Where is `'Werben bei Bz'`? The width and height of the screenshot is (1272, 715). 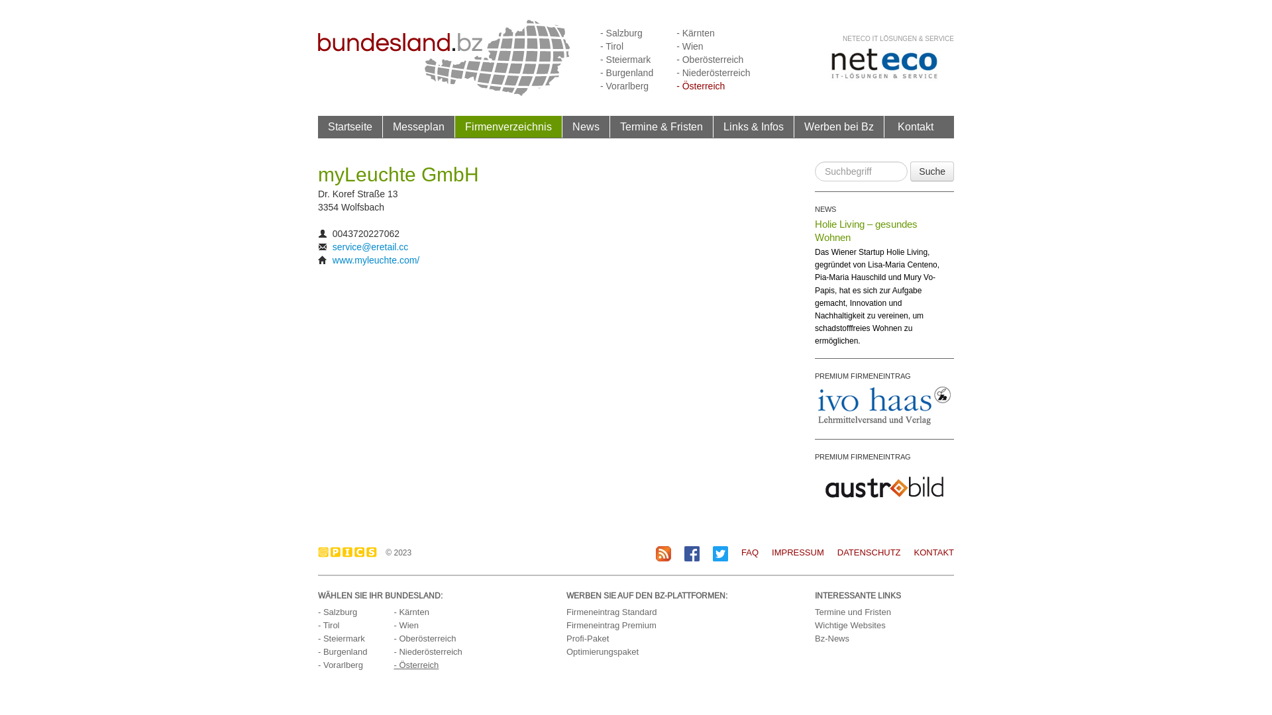
'Werben bei Bz' is located at coordinates (838, 126).